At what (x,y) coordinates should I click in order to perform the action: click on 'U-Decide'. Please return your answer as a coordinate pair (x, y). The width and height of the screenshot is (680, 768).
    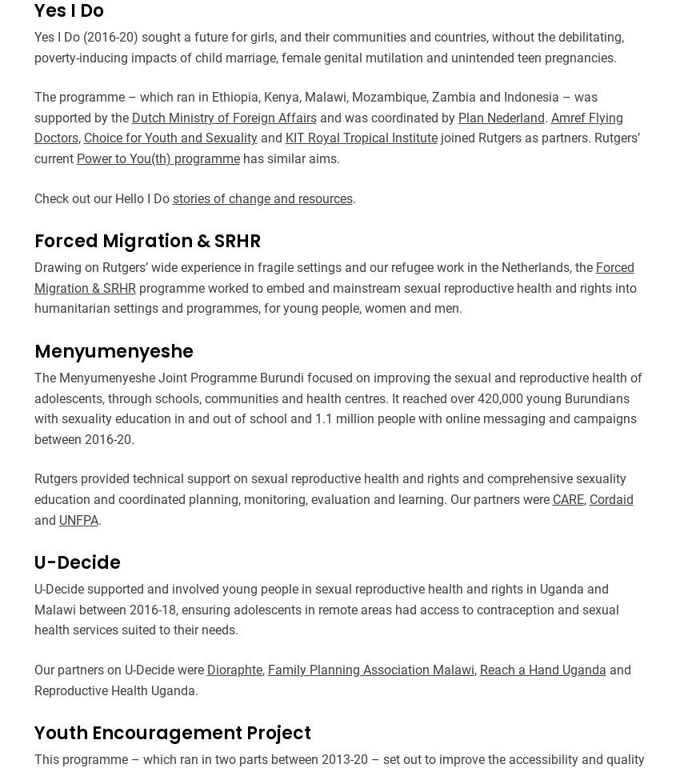
    Looking at the image, I should click on (32, 562).